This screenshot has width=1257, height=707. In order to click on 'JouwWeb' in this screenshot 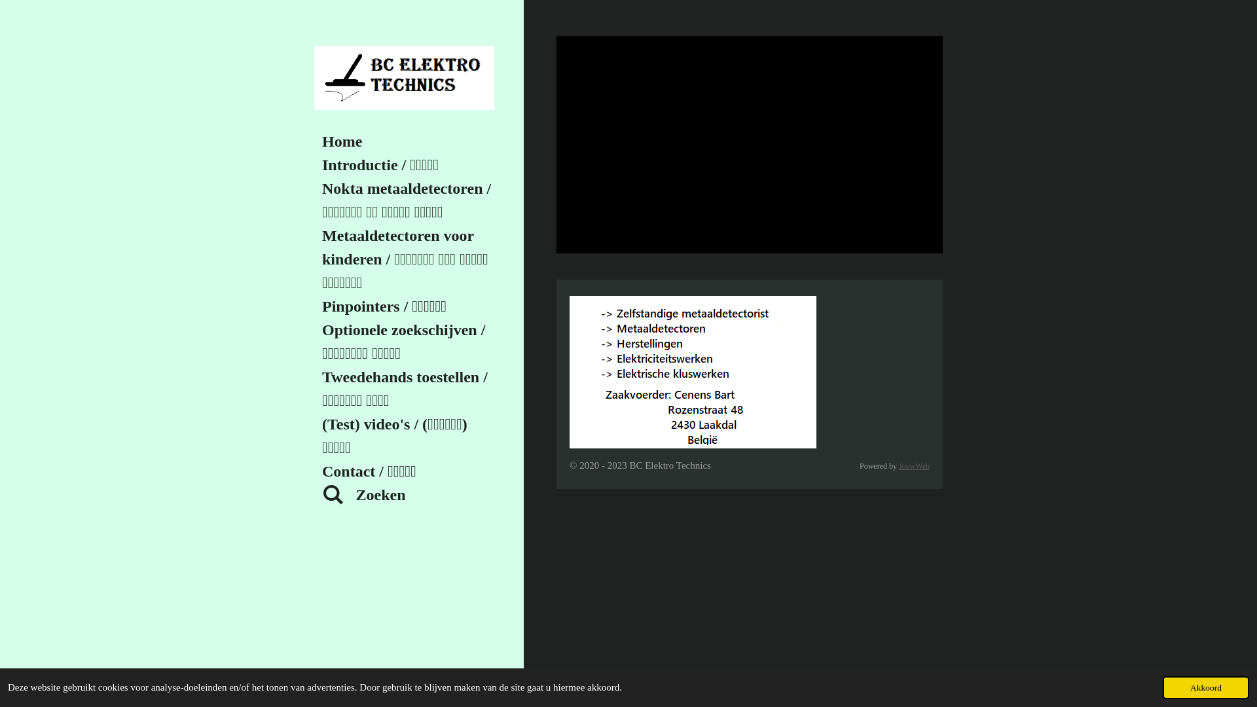, I will do `click(898, 465)`.